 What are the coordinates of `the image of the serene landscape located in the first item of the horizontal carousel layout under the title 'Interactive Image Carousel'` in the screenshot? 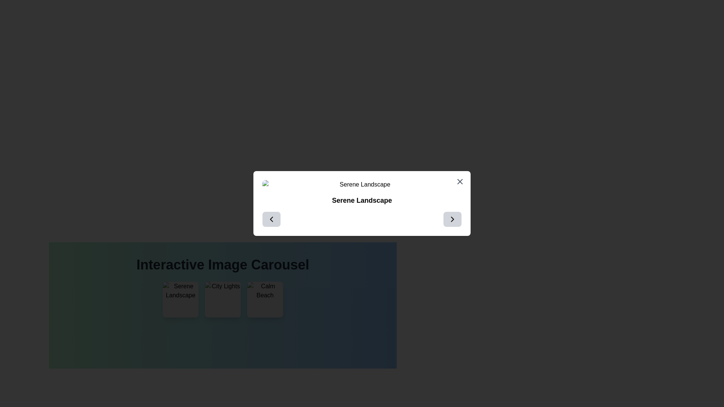 It's located at (180, 299).